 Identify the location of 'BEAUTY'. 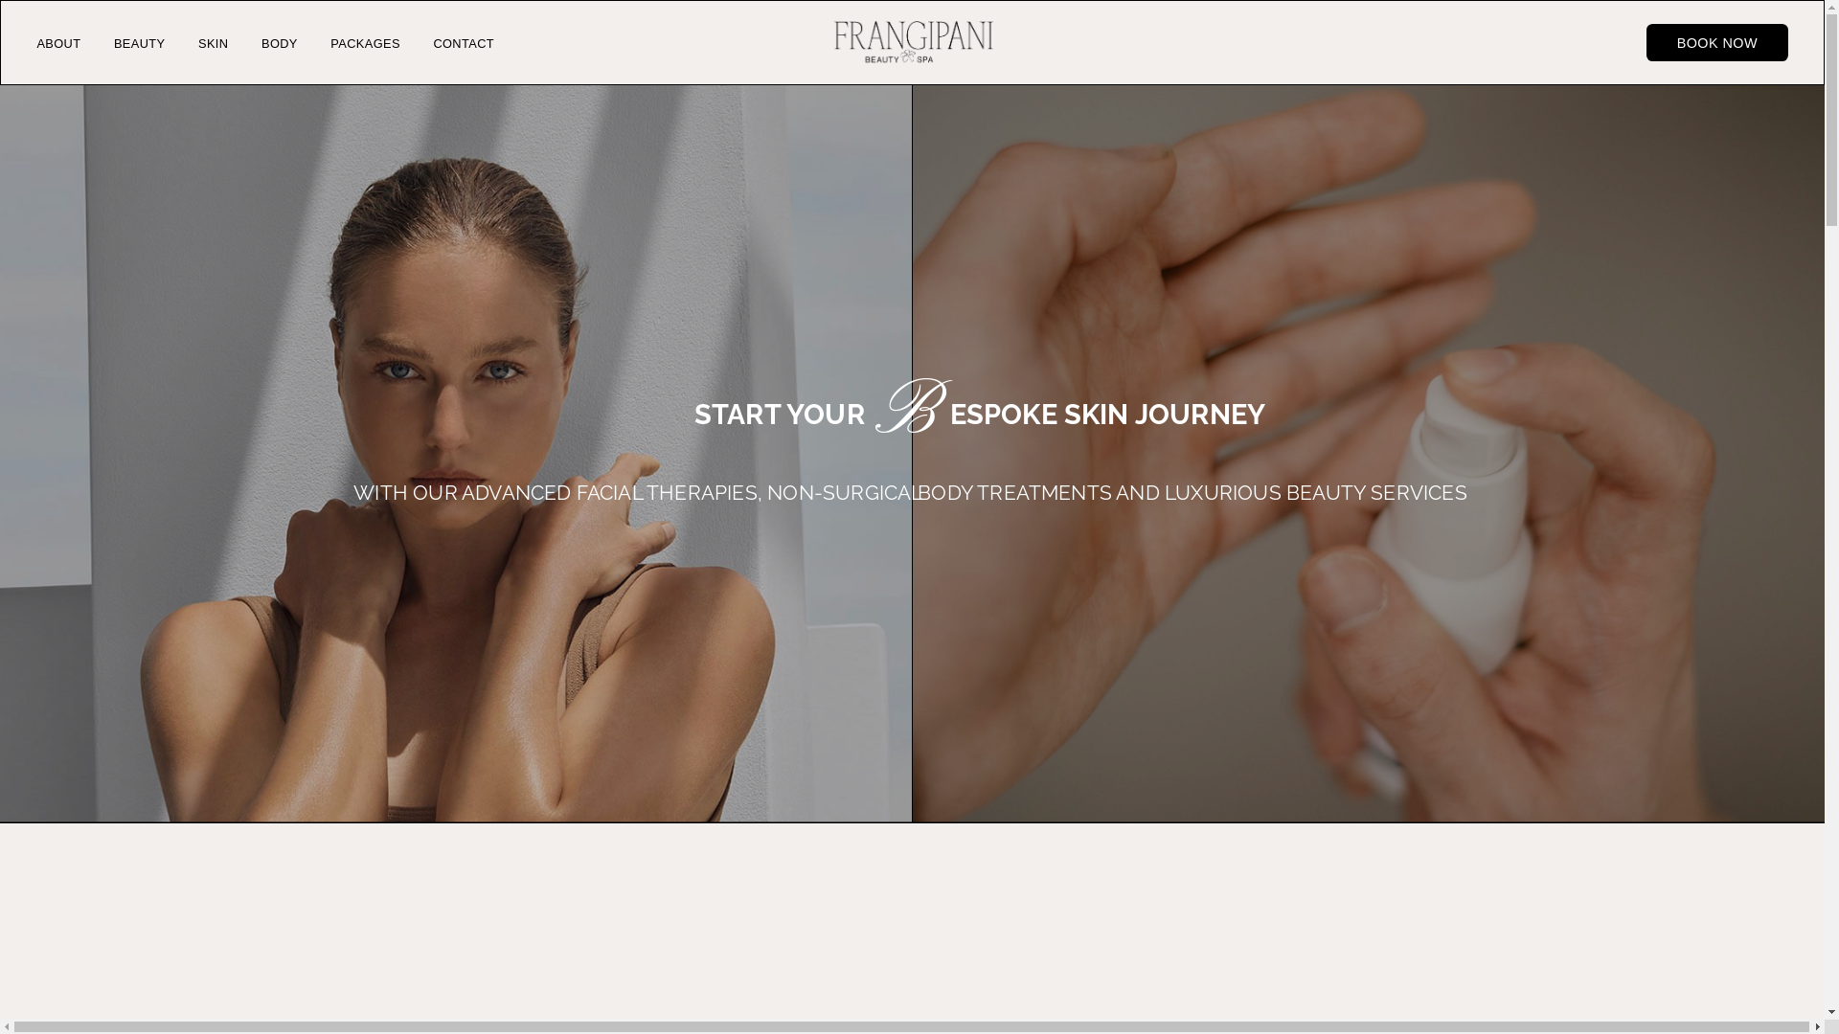
(138, 43).